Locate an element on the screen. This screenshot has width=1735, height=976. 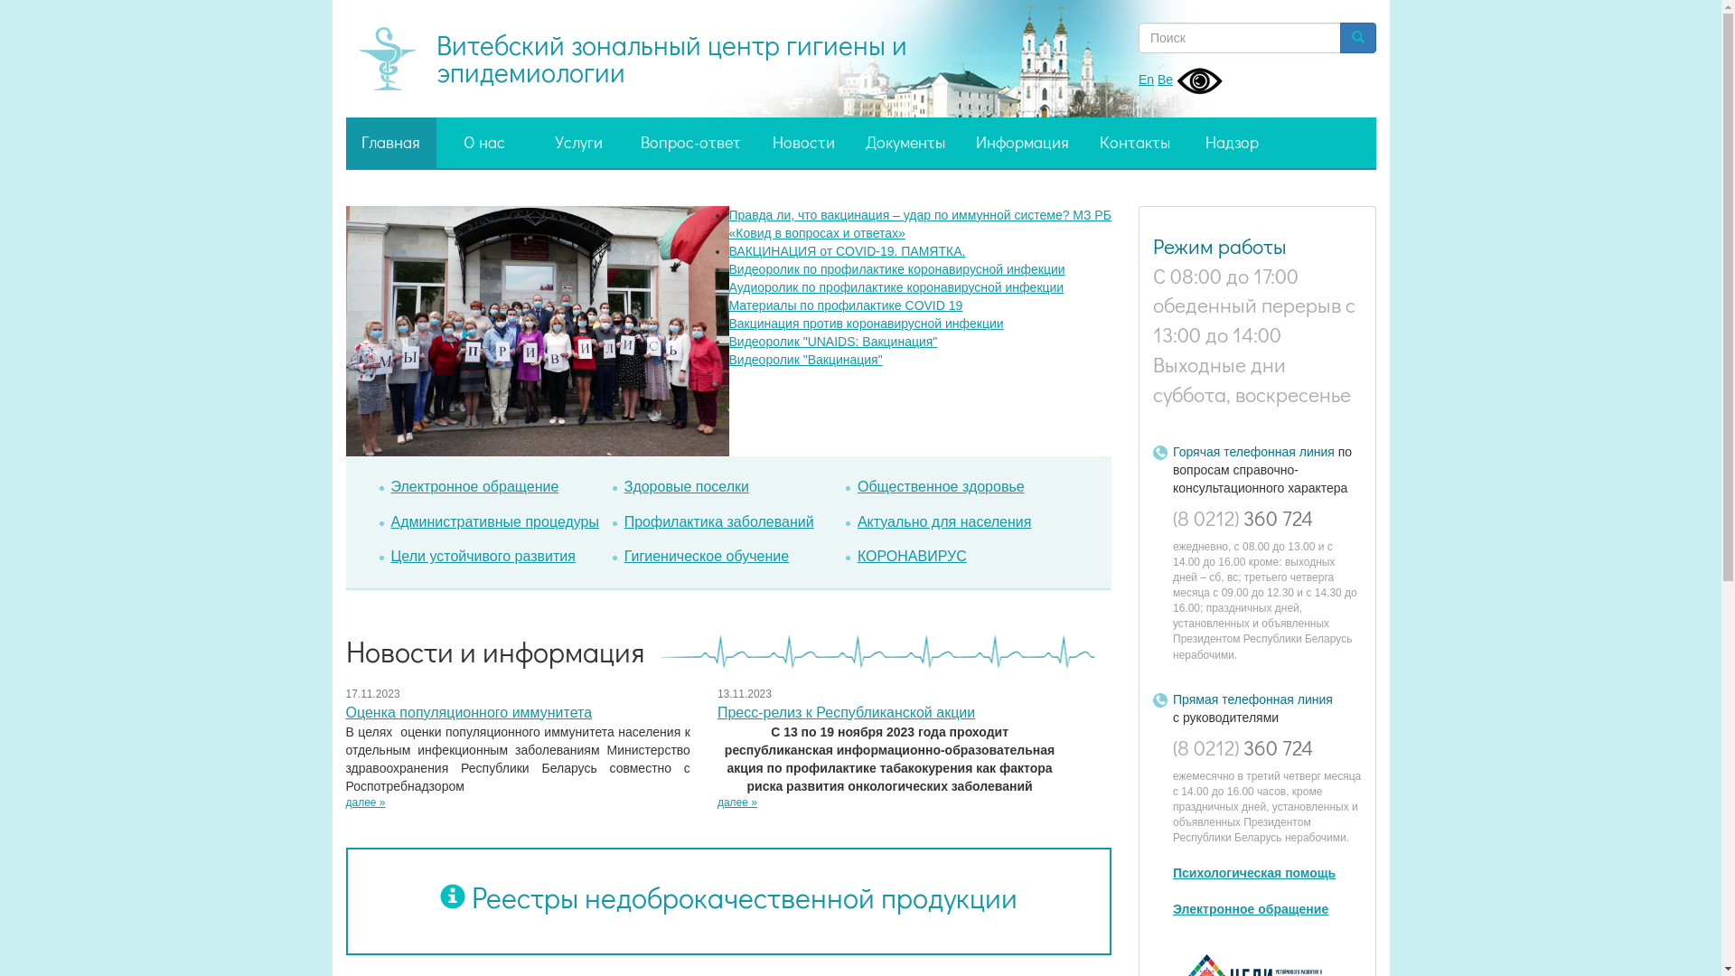
'Be' is located at coordinates (1165, 79).